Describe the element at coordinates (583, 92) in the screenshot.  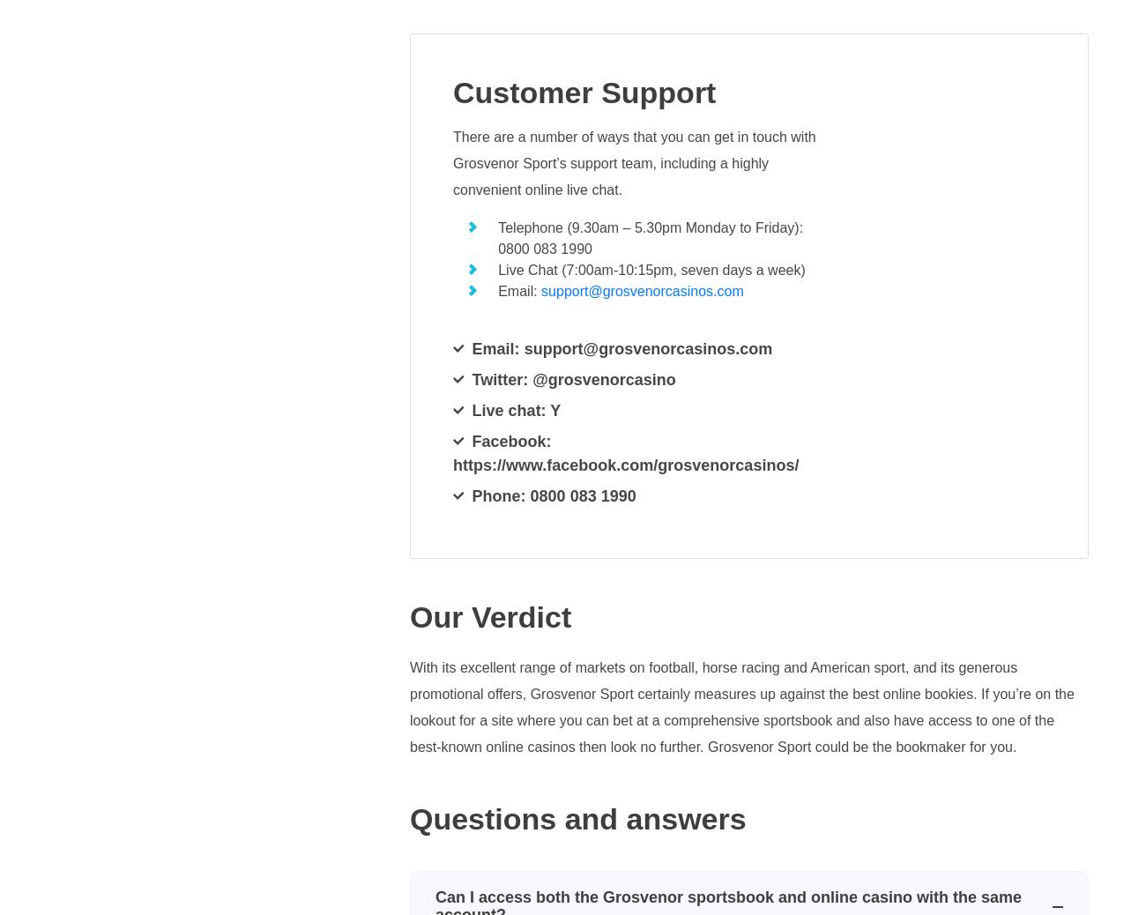
I see `'Customer Support'` at that location.